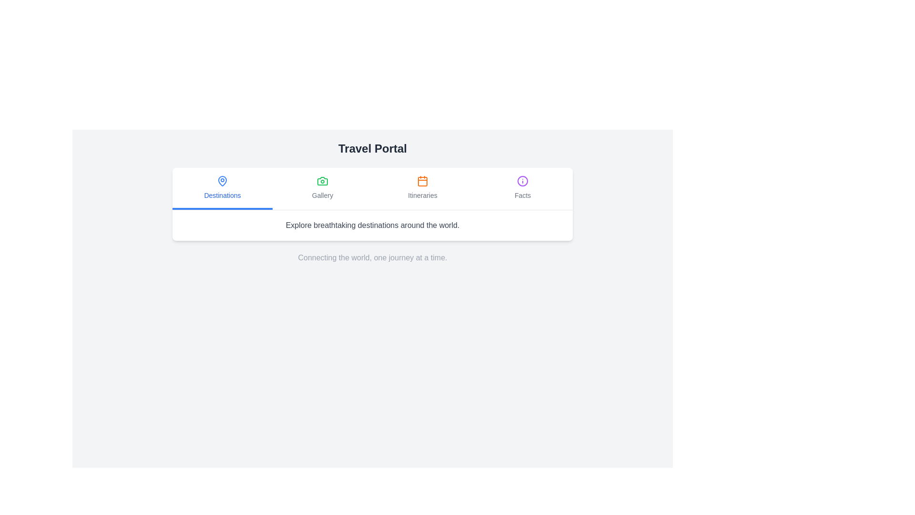  Describe the element at coordinates (222, 189) in the screenshot. I see `the first tab labeled 'Destinations' in the navigation bar` at that location.